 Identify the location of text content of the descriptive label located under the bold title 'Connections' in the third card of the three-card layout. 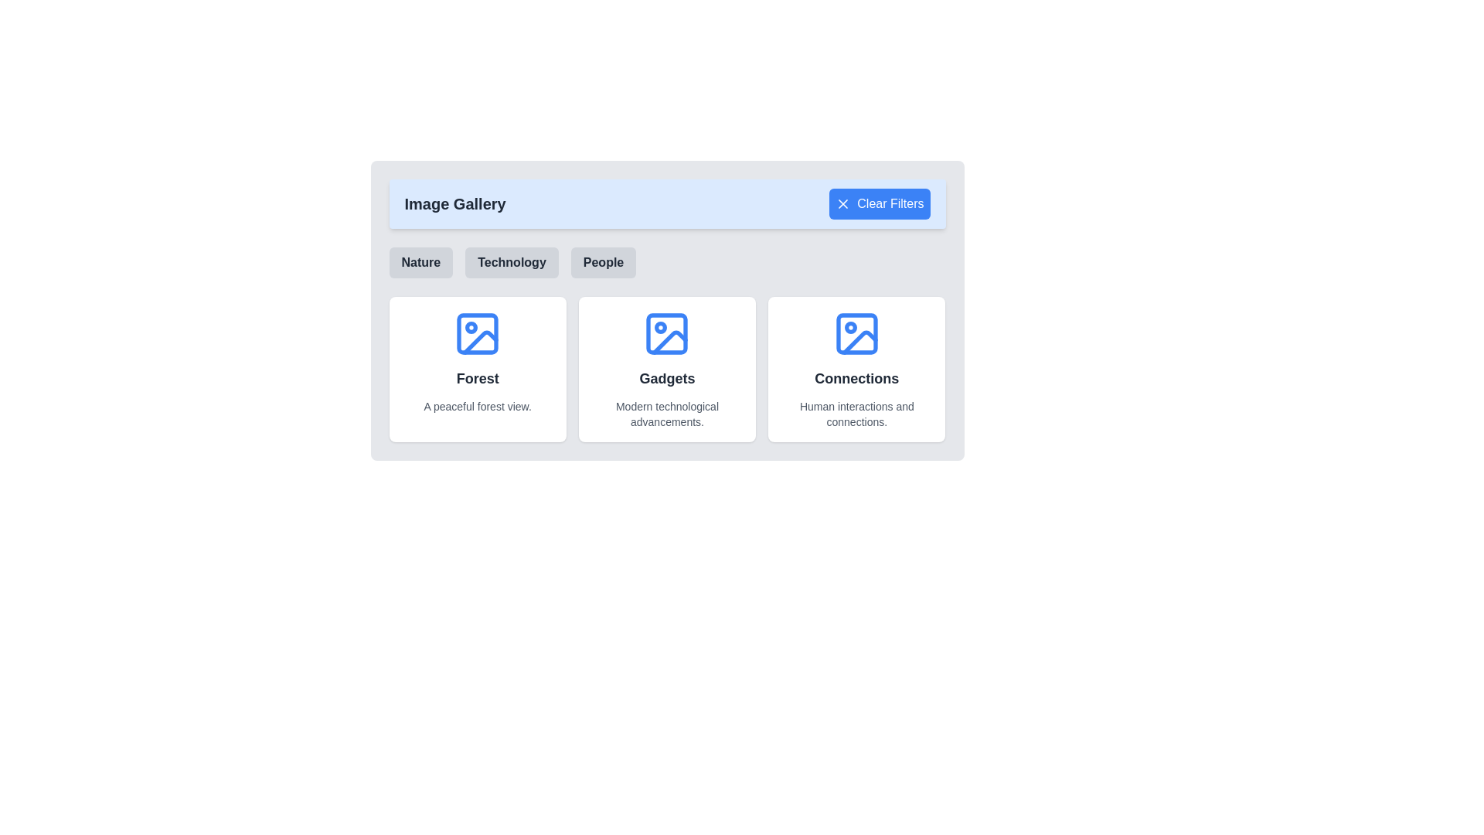
(856, 414).